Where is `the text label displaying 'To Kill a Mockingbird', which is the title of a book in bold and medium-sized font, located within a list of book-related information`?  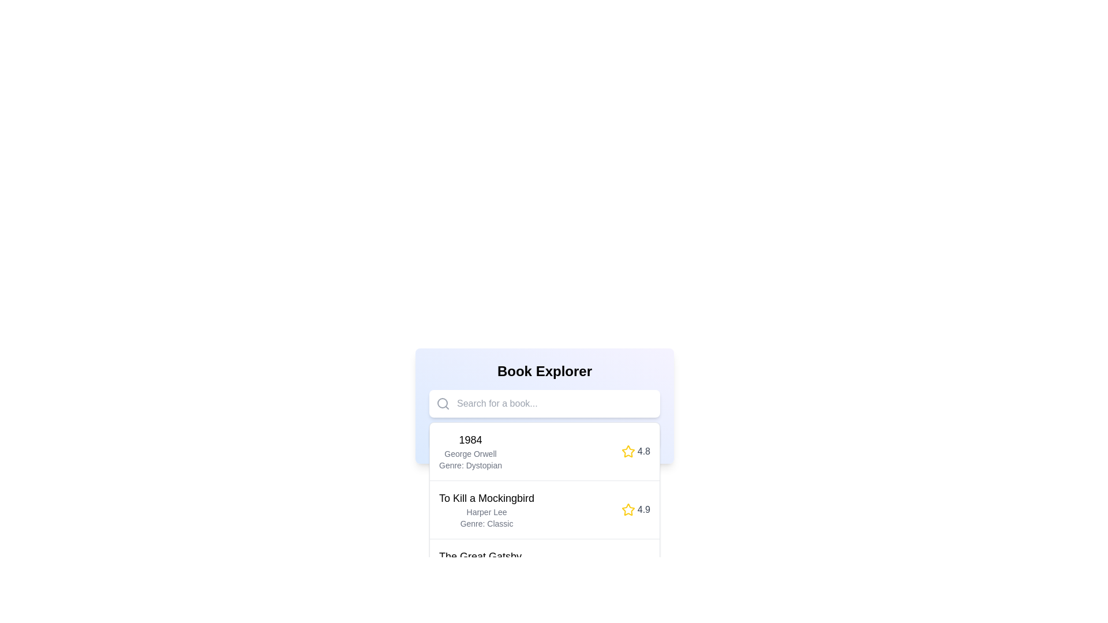 the text label displaying 'To Kill a Mockingbird', which is the title of a book in bold and medium-sized font, located within a list of book-related information is located at coordinates (486, 498).